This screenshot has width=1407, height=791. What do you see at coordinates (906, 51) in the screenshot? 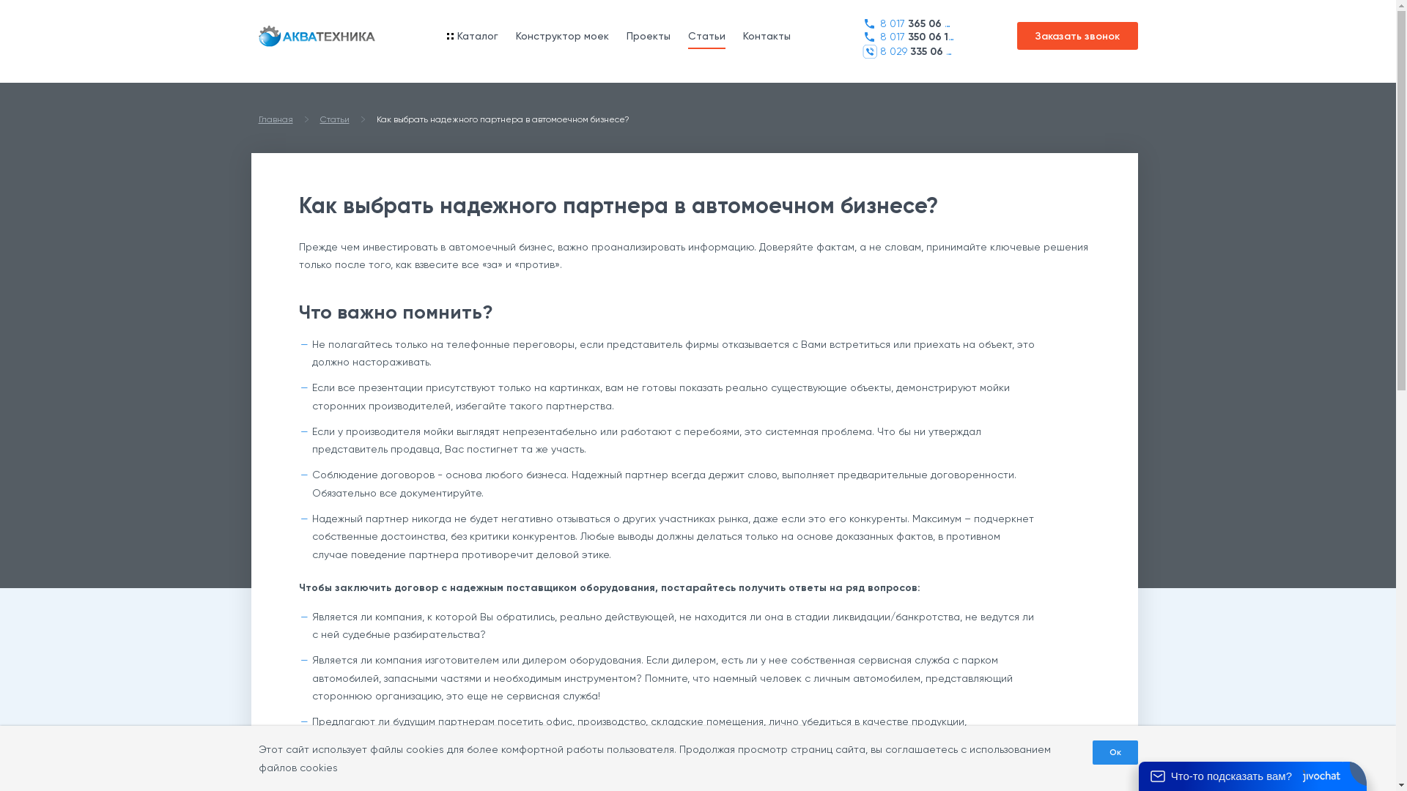
I see `'8 029 335 06 01'` at bounding box center [906, 51].